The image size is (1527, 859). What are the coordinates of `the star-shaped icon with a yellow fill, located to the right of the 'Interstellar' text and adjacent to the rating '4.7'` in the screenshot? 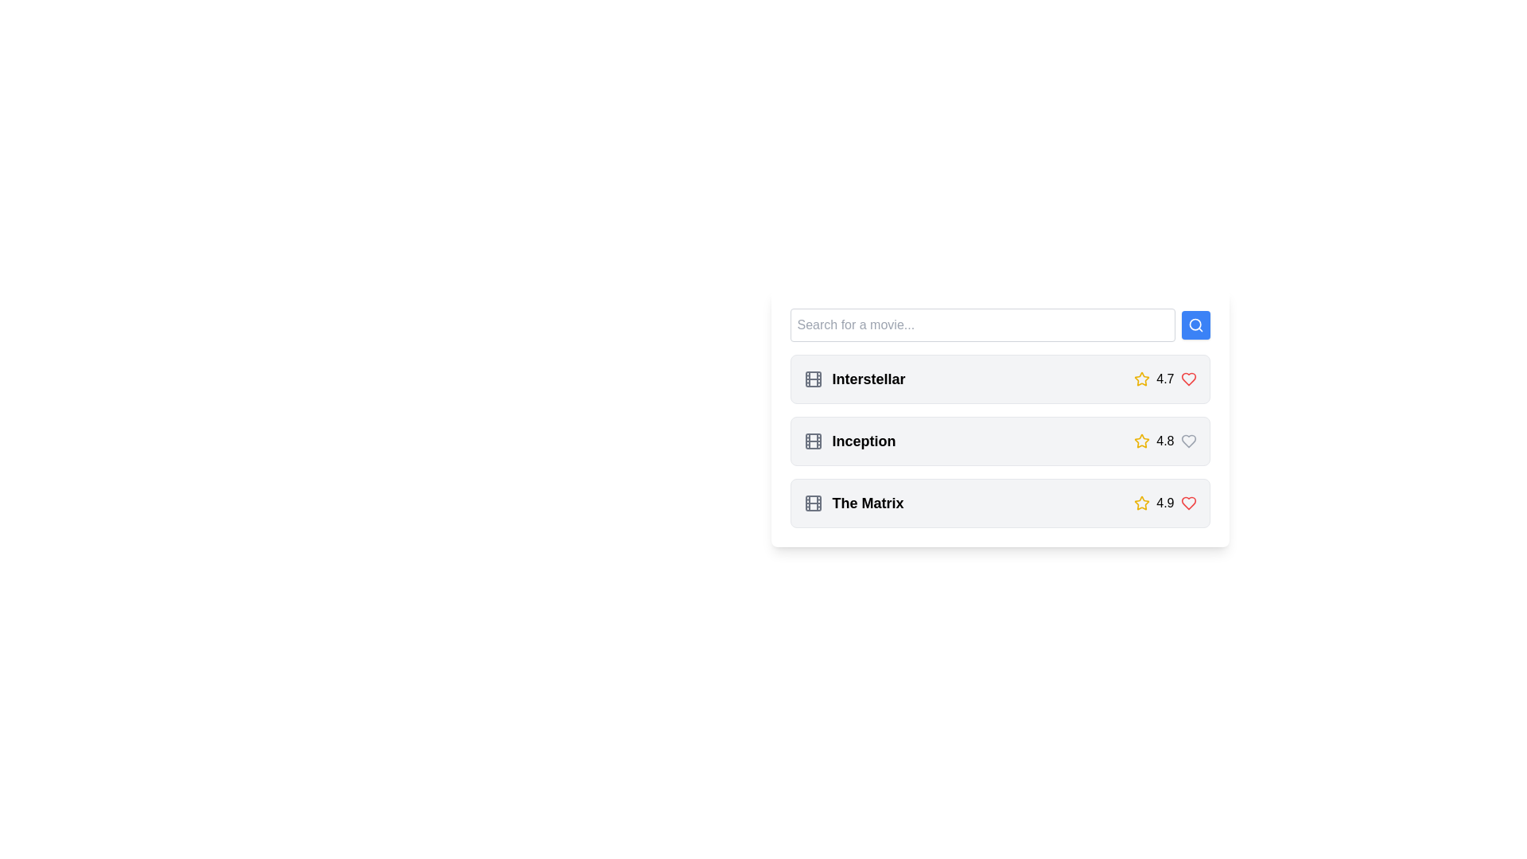 It's located at (1141, 379).